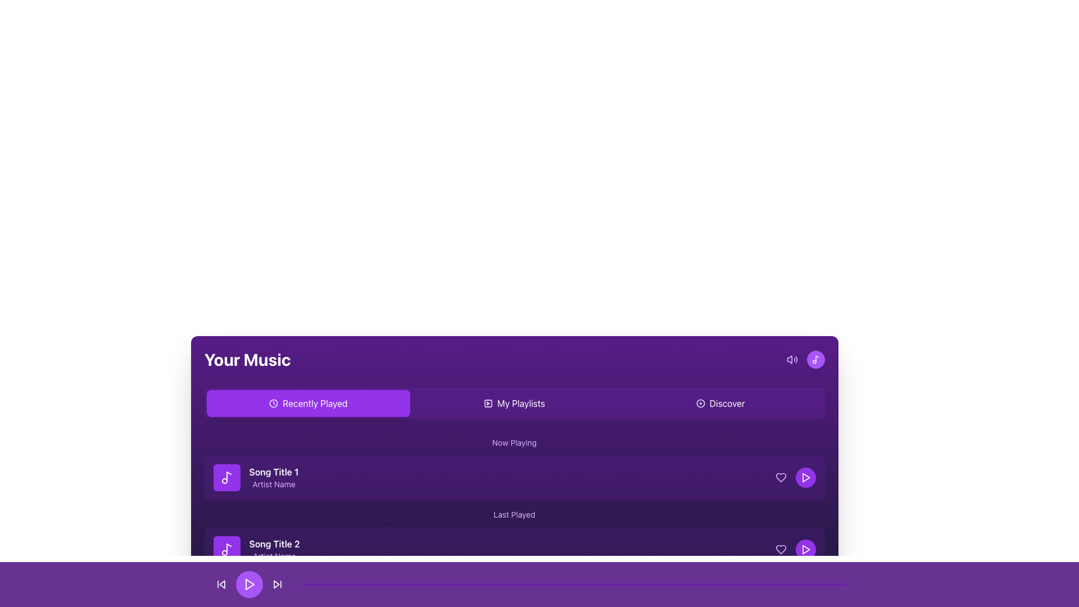 Image resolution: width=1079 pixels, height=607 pixels. What do you see at coordinates (815, 360) in the screenshot?
I see `the small music icon represented by a musical note in the top-right corner of the music application header section` at bounding box center [815, 360].